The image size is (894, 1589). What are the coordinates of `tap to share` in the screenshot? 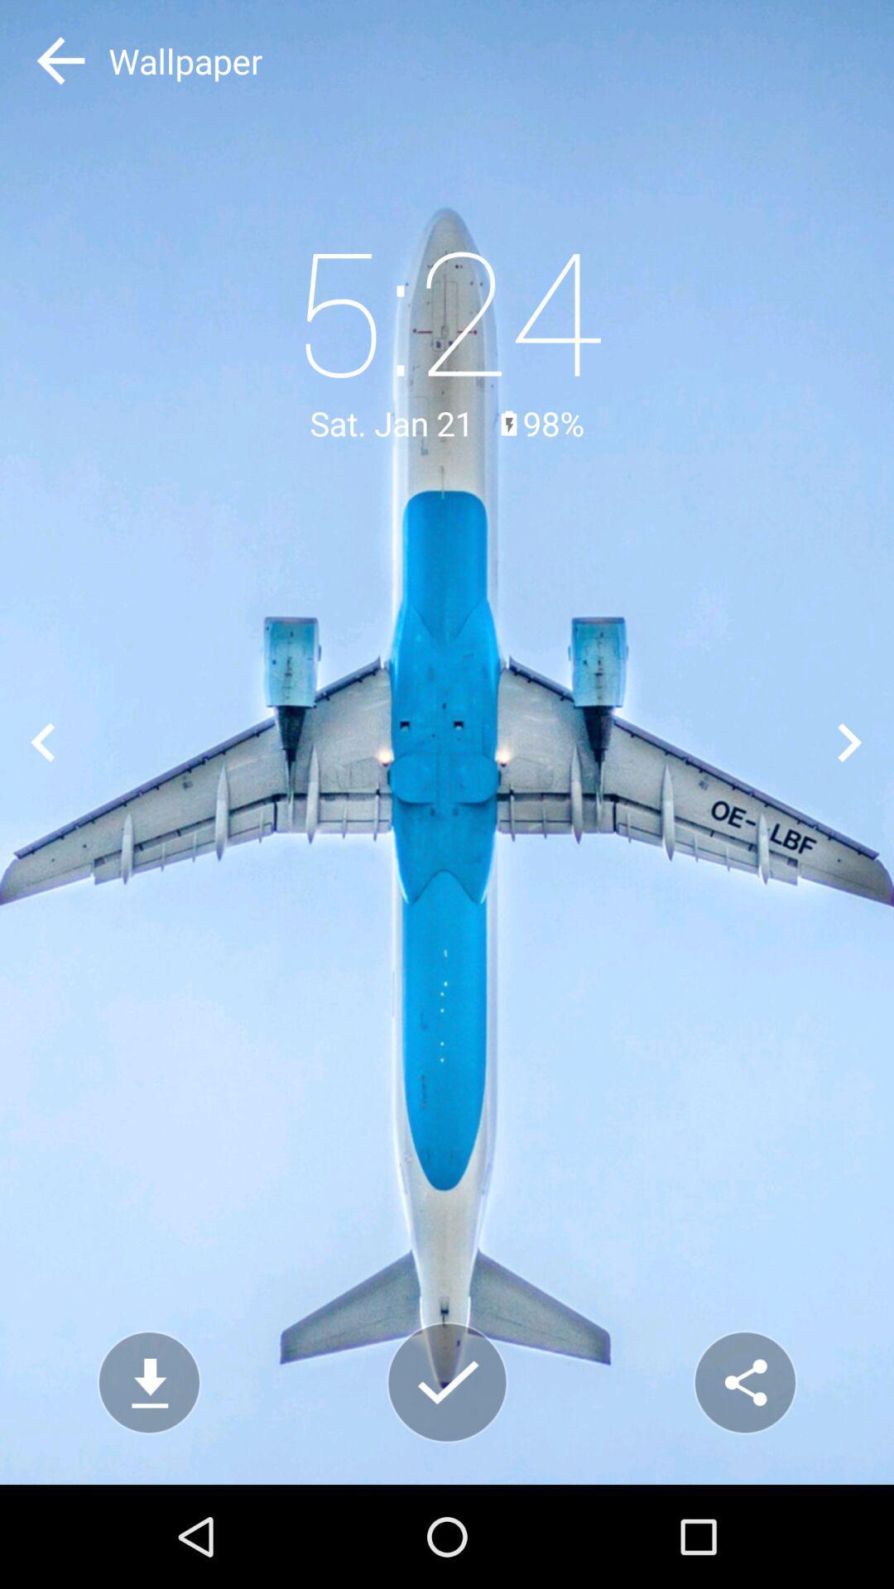 It's located at (743, 1382).